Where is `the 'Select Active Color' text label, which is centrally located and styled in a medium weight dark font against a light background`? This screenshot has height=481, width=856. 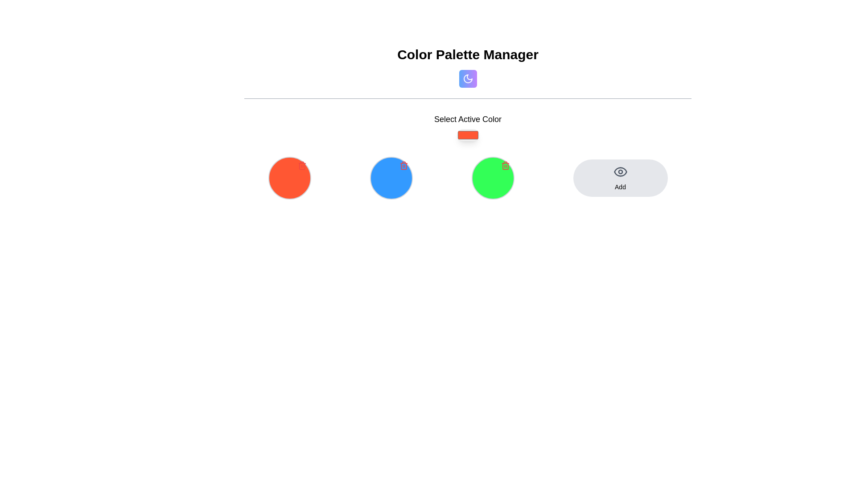 the 'Select Active Color' text label, which is centrally located and styled in a medium weight dark font against a light background is located at coordinates (467, 118).